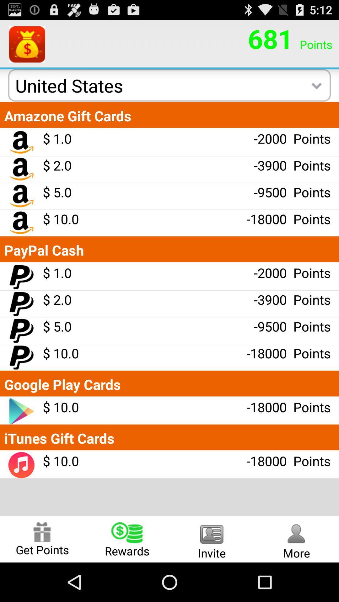  I want to click on invite, so click(212, 539).